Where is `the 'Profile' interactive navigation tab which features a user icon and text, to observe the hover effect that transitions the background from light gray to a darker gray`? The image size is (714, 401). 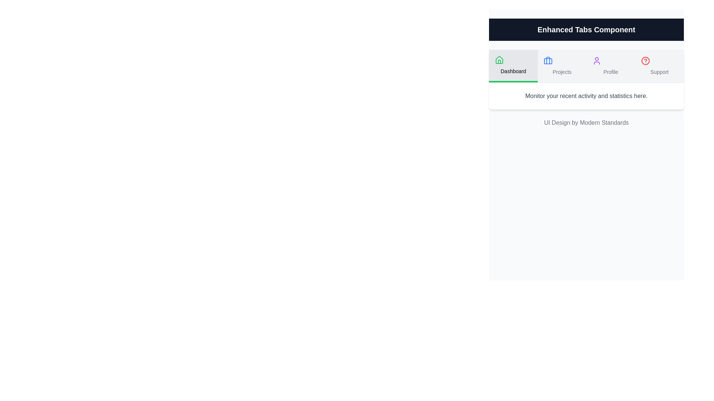
the 'Profile' interactive navigation tab which features a user icon and text, to observe the hover effect that transitions the background from light gray to a darker gray is located at coordinates (611, 65).